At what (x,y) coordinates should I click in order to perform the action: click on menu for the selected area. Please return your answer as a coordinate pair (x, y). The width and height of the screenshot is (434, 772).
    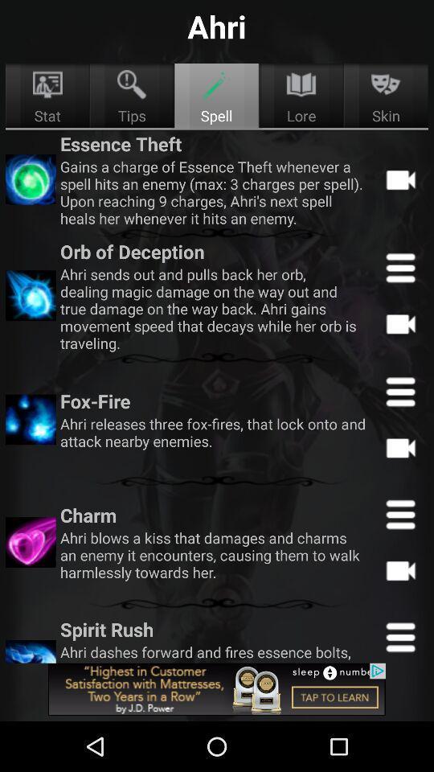
    Looking at the image, I should click on (399, 268).